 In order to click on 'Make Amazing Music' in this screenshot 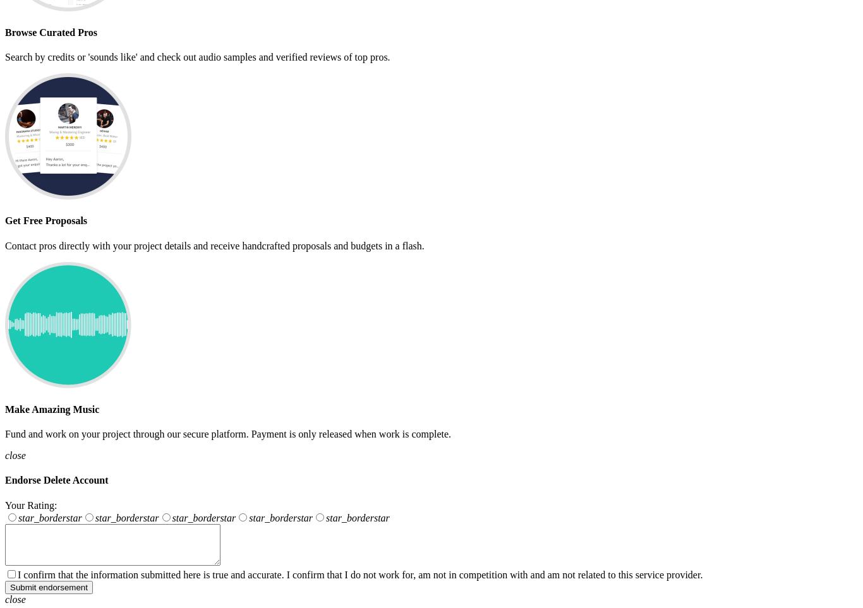, I will do `click(5, 408)`.